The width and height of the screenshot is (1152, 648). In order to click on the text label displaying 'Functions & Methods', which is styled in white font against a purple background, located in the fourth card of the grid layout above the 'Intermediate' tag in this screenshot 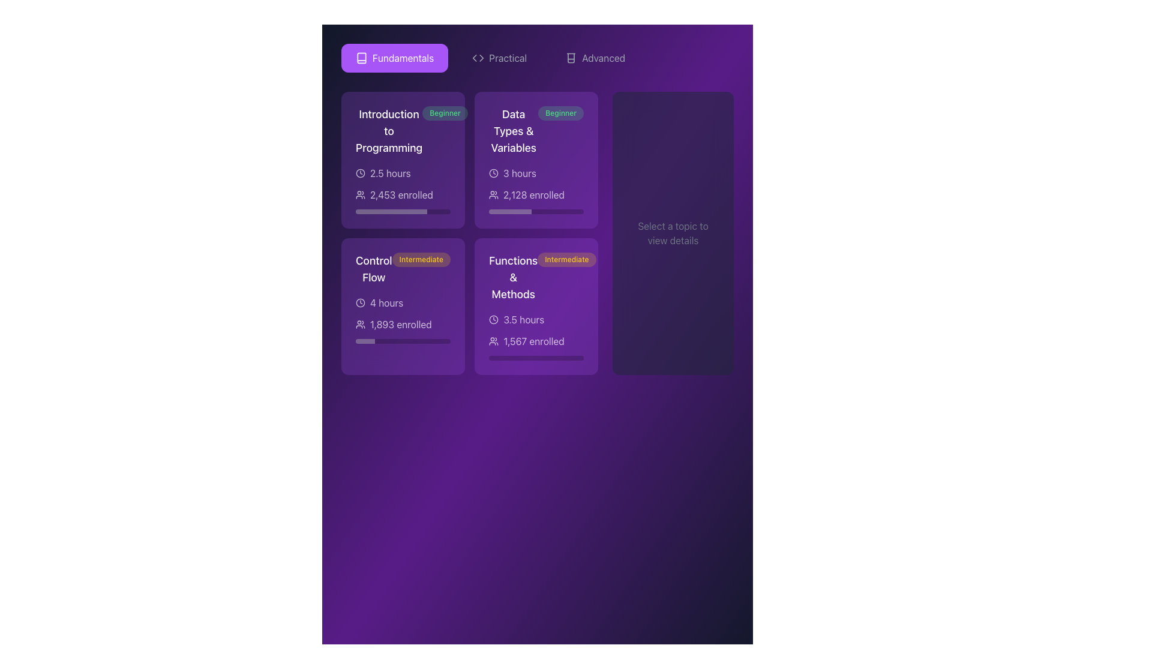, I will do `click(513, 277)`.